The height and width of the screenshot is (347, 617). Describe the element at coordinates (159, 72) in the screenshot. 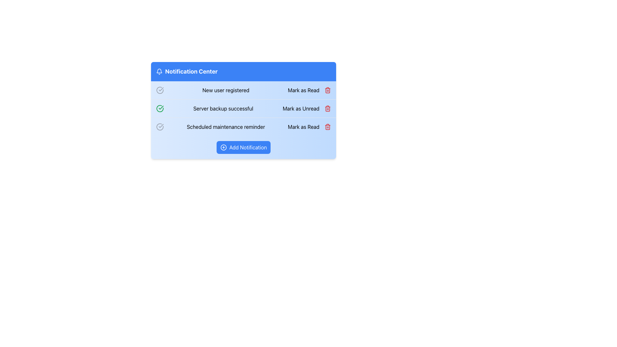

I see `the bell icon located at the top left corner of the 'Notification Center' panel, which is styled in gray and features a rounded shape with a clapper` at that location.